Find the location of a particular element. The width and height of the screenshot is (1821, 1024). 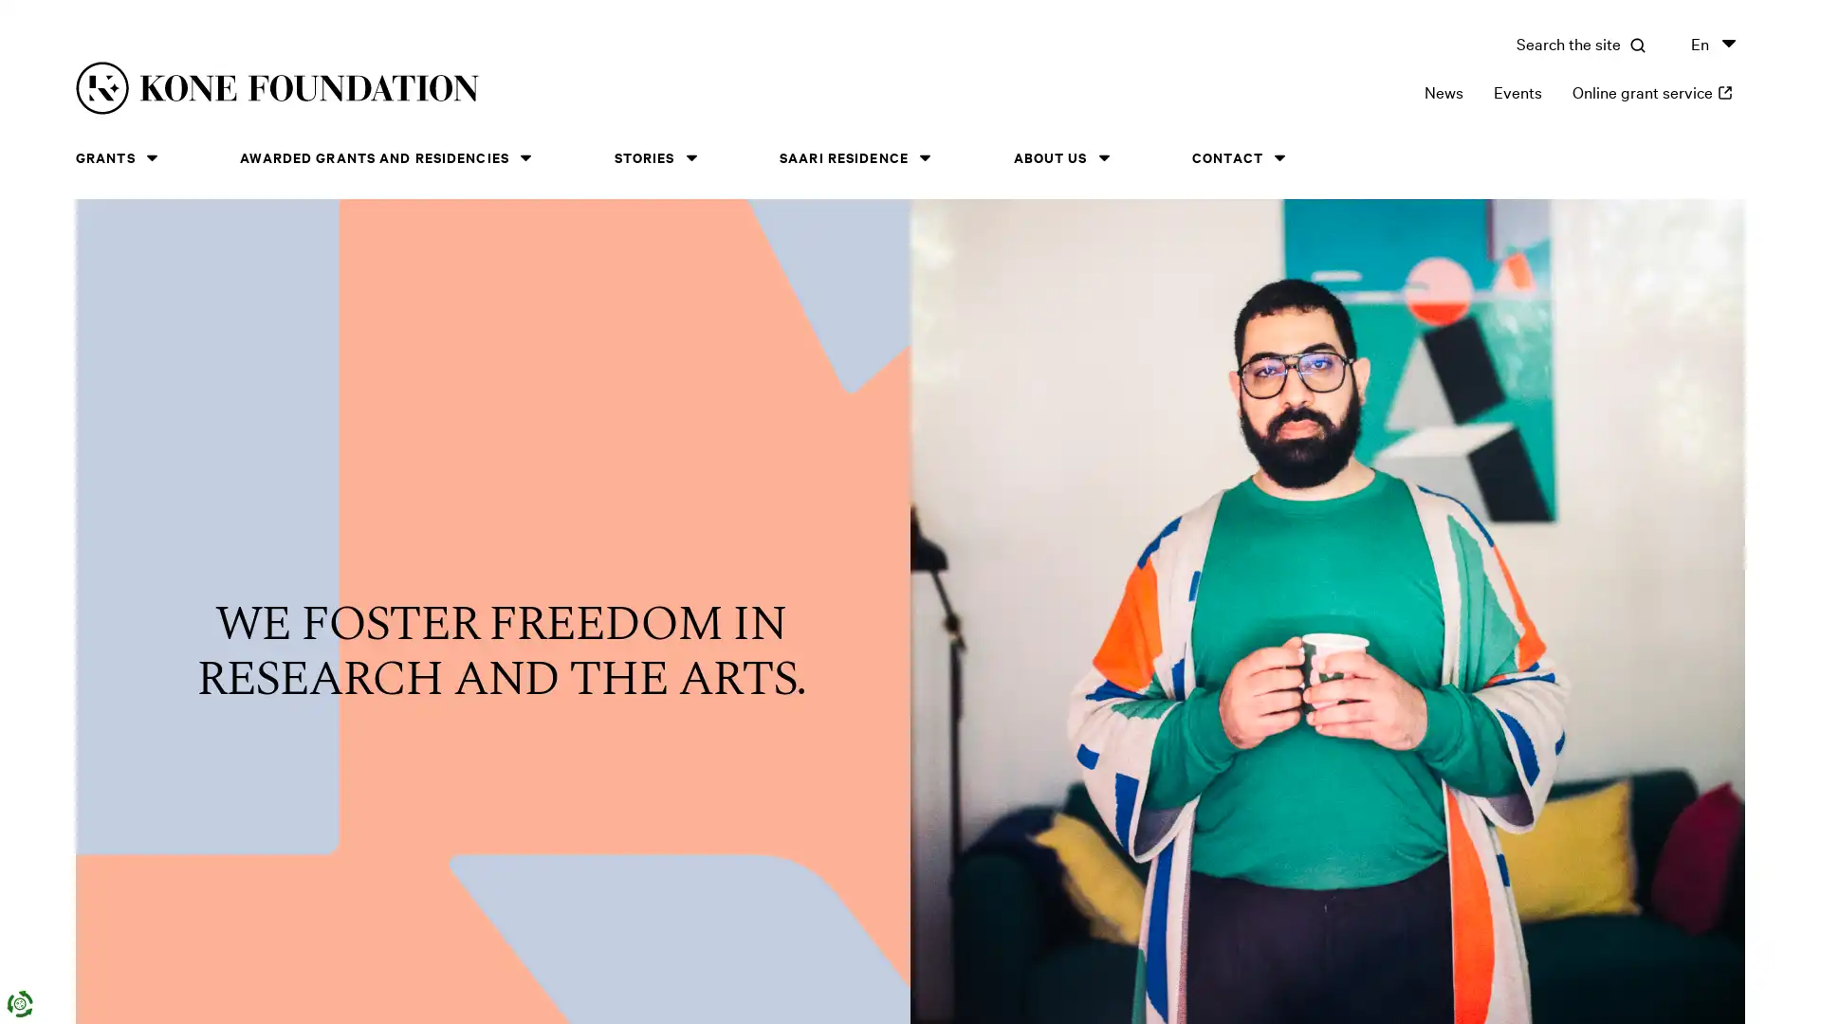

Saari Residence osion alavalikko is located at coordinates (924, 156).